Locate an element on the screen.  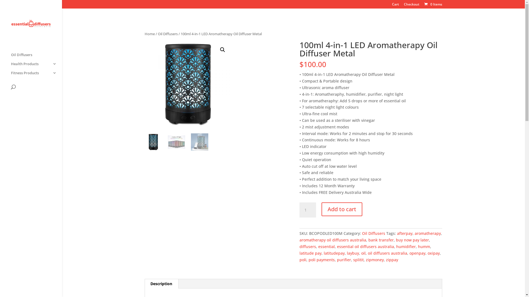
'100ml-4-in-1-LED-Aromatherapy-Oil-Diffuser-Metal-1.jpg' is located at coordinates (188, 84).